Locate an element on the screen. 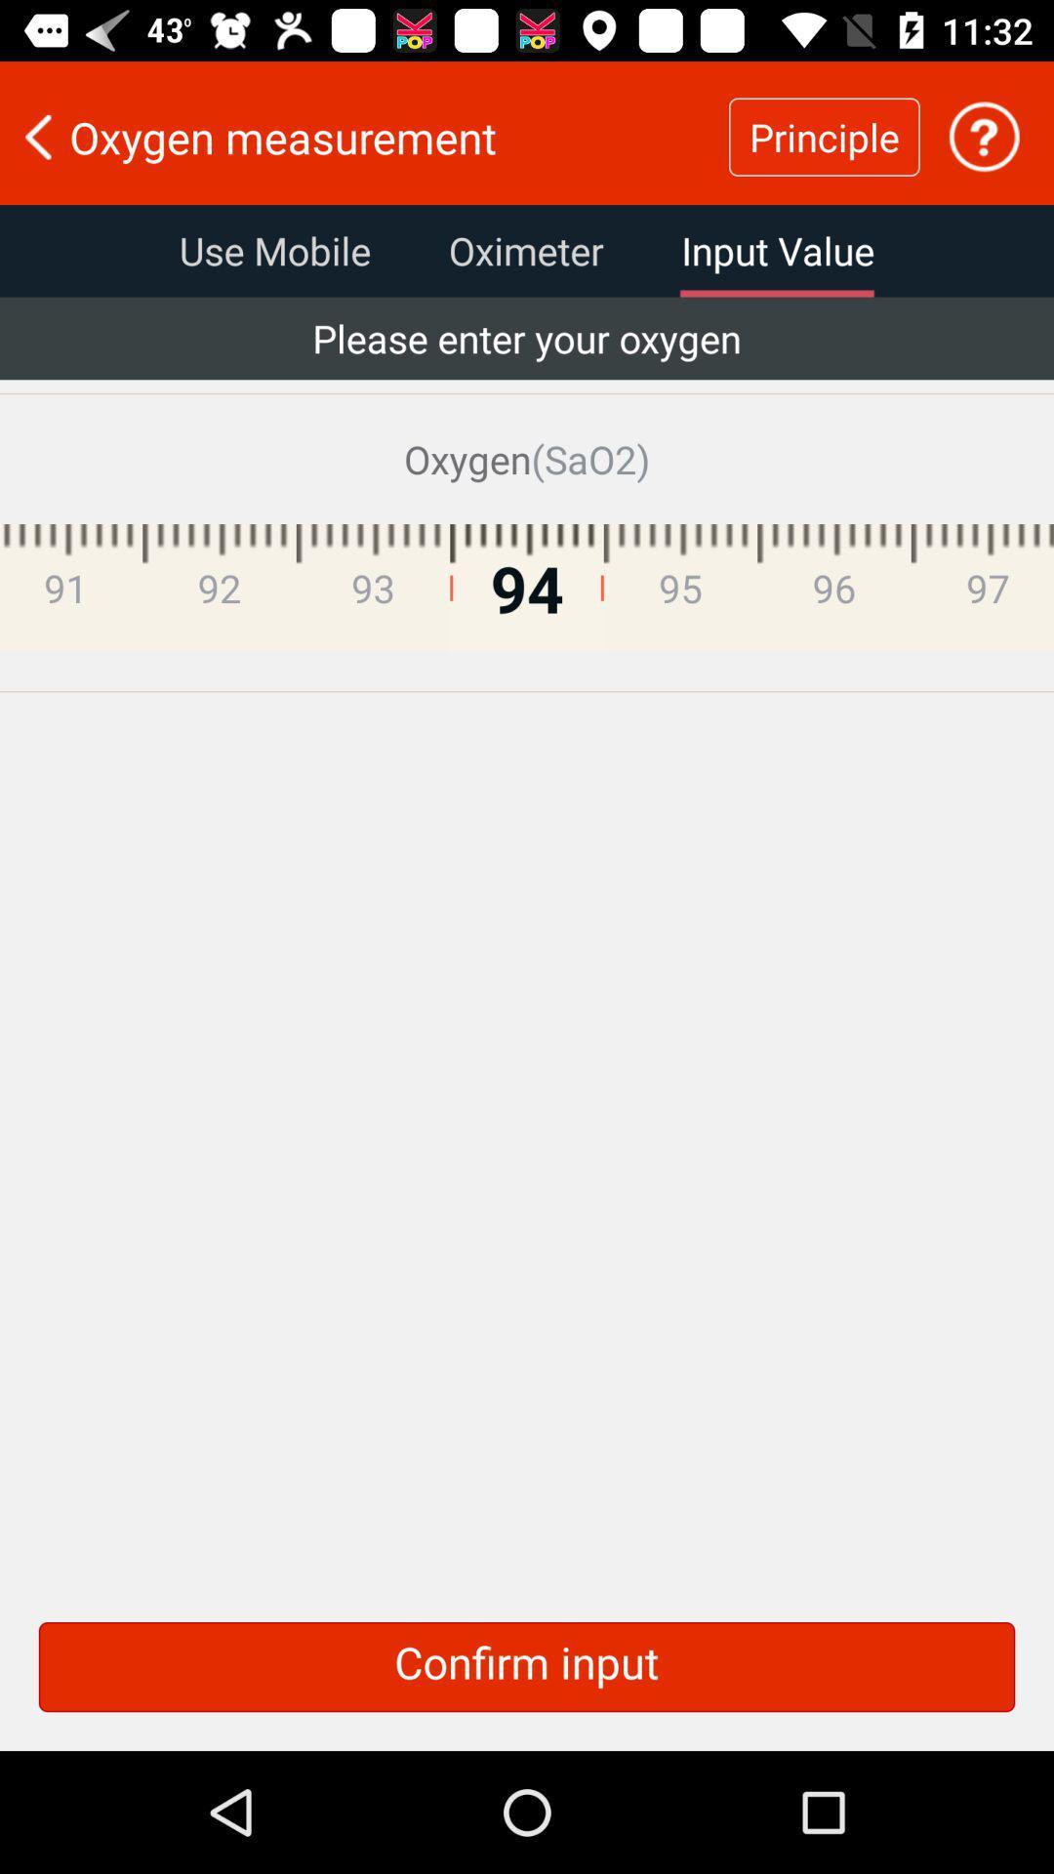 This screenshot has height=1874, width=1054. item next to oximeter is located at coordinates (777, 250).